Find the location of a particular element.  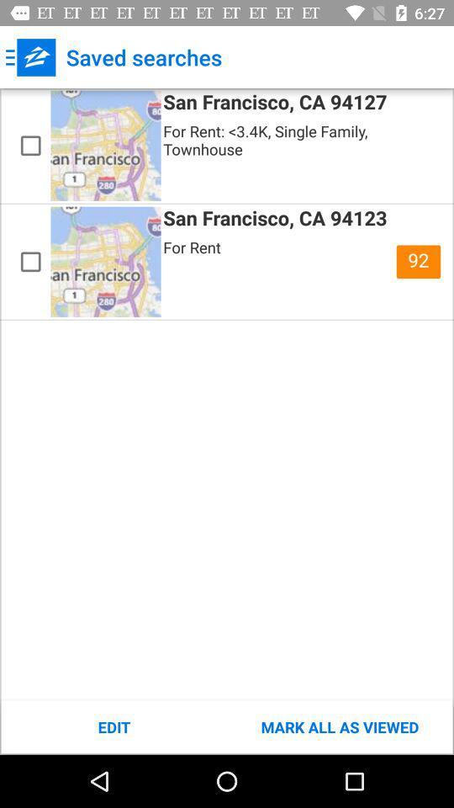

the icon below the for rent 3 is located at coordinates (417, 262).